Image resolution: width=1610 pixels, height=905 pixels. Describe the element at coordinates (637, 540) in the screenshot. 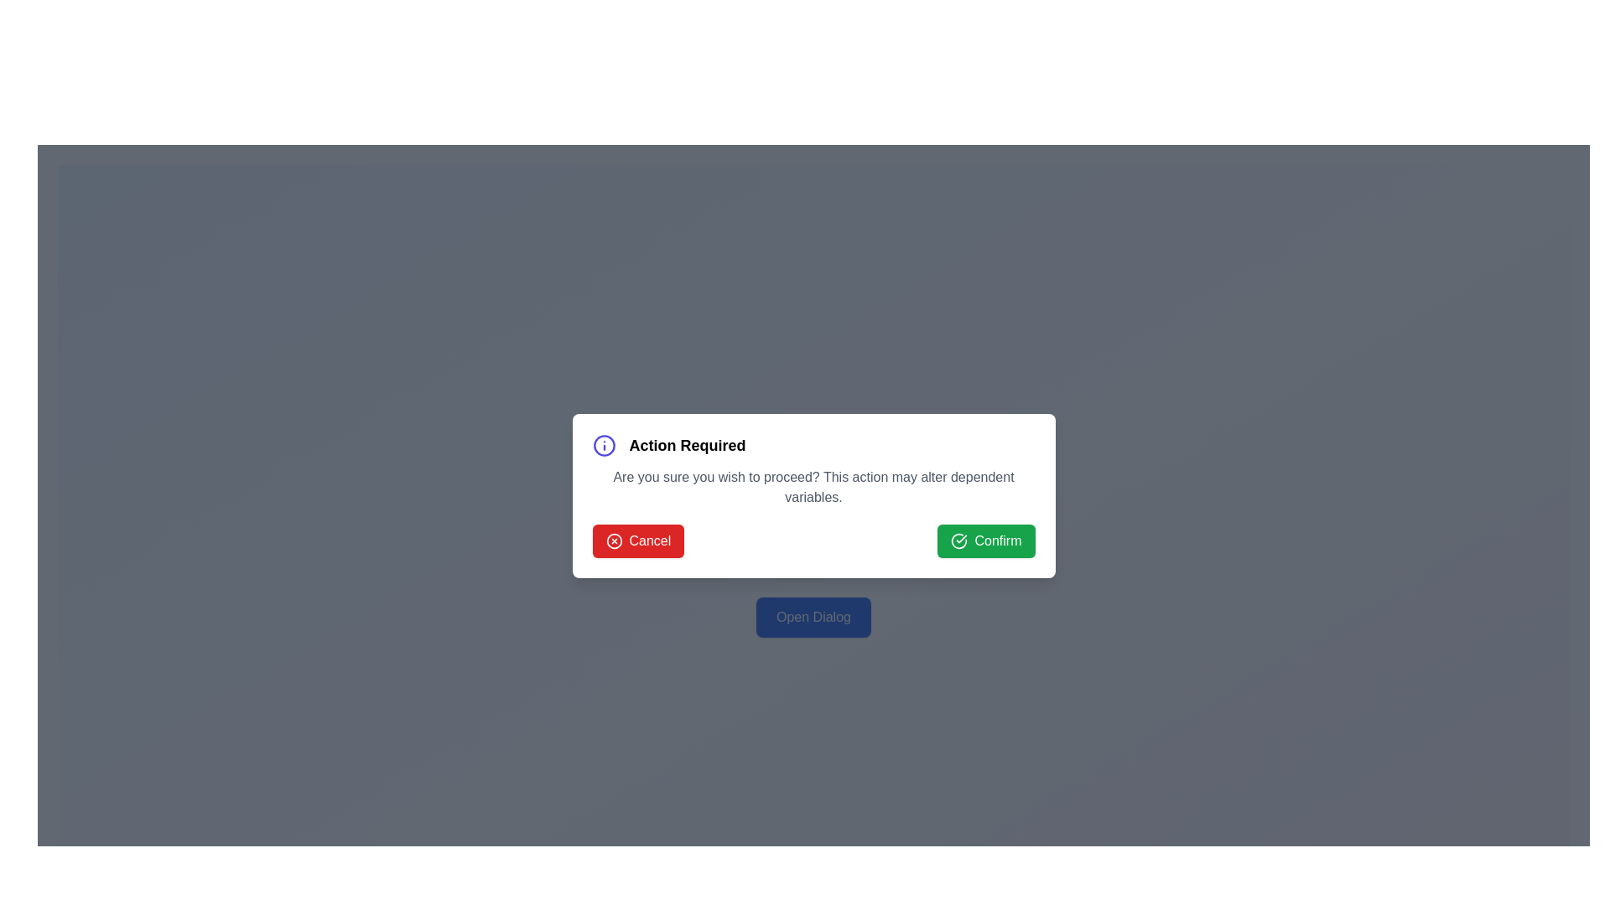

I see `the 'Cancel' button located at the bottom left of the pop-up dialog box for keyboard interaction` at that location.